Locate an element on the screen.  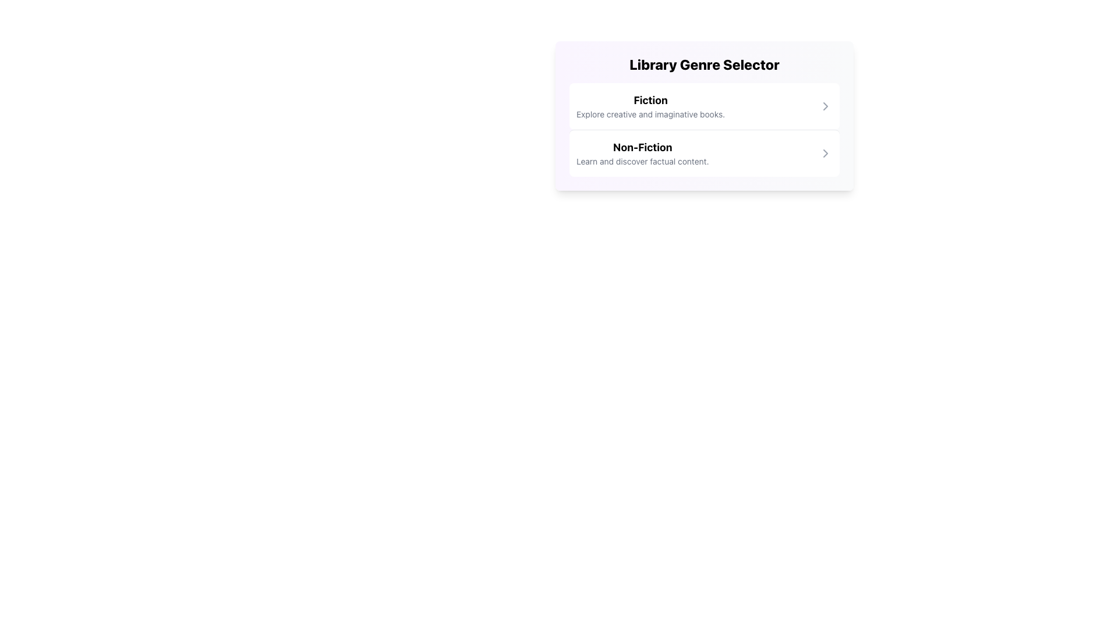
the right-facing chevron-shaped icon used for navigation next to the 'Non-Fiction' option is located at coordinates (825, 152).